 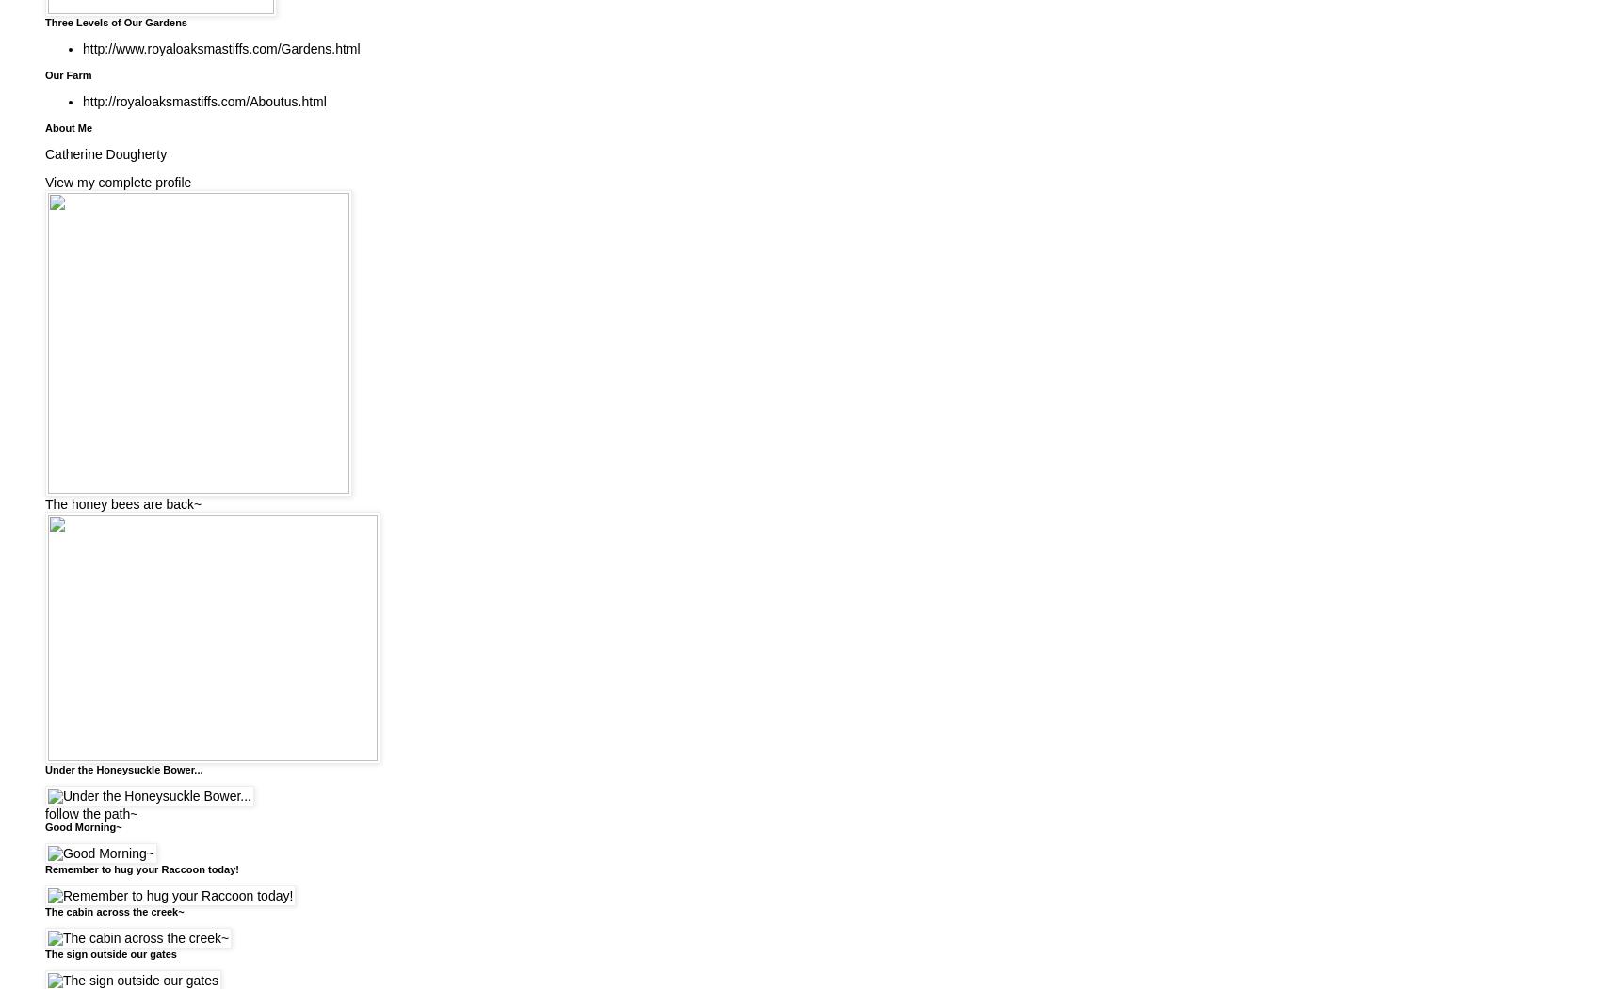 I want to click on 'Our Farm', so click(x=67, y=73).